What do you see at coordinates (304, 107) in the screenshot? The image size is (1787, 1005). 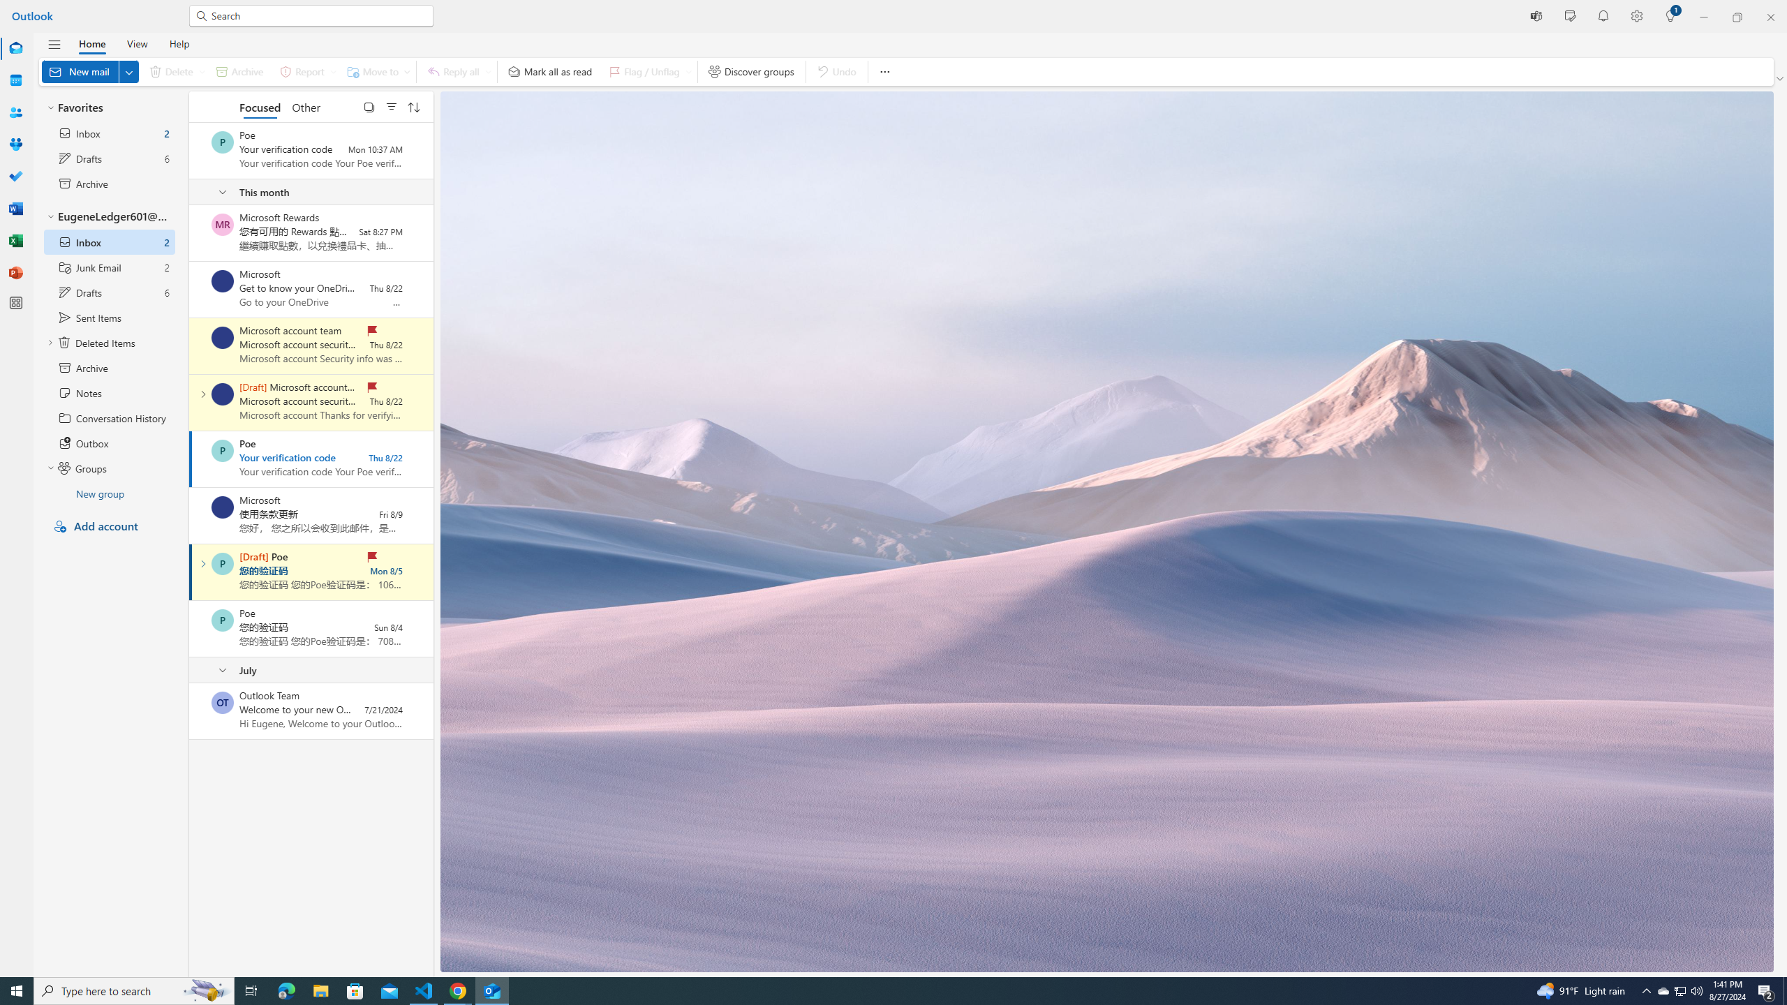 I see `'Other'` at bounding box center [304, 107].